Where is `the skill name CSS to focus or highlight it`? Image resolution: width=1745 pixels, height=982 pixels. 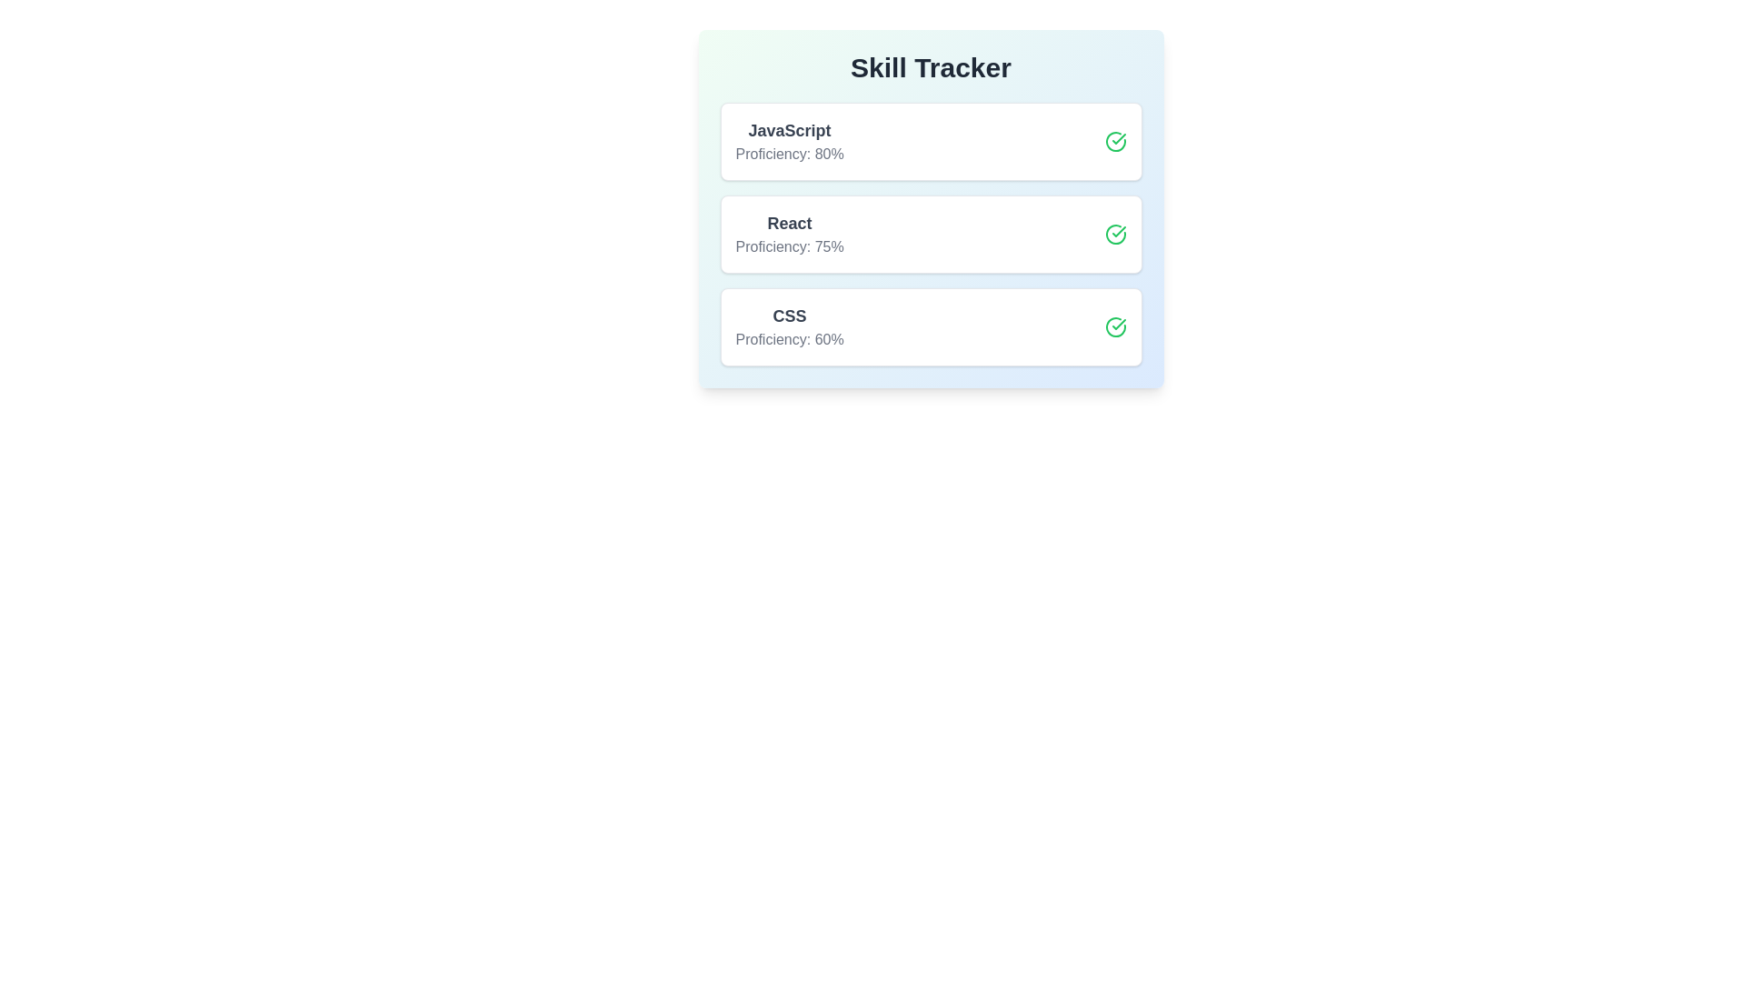
the skill name CSS to focus or highlight it is located at coordinates (789, 315).